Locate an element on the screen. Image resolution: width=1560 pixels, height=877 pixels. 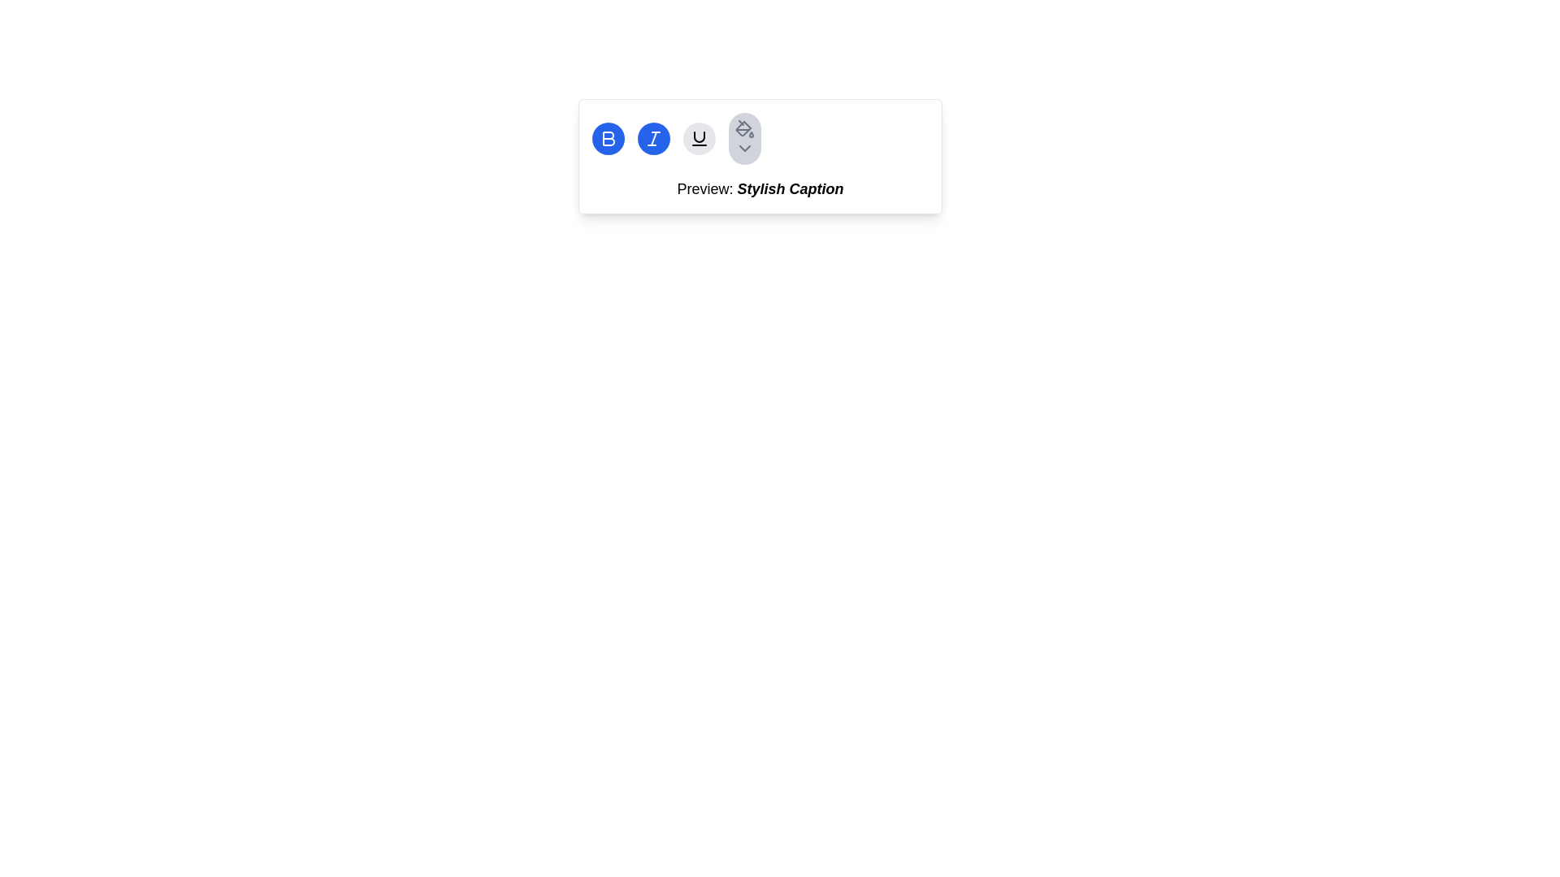
the rounded gray button icon located to the right of other buttons is located at coordinates (743, 148).